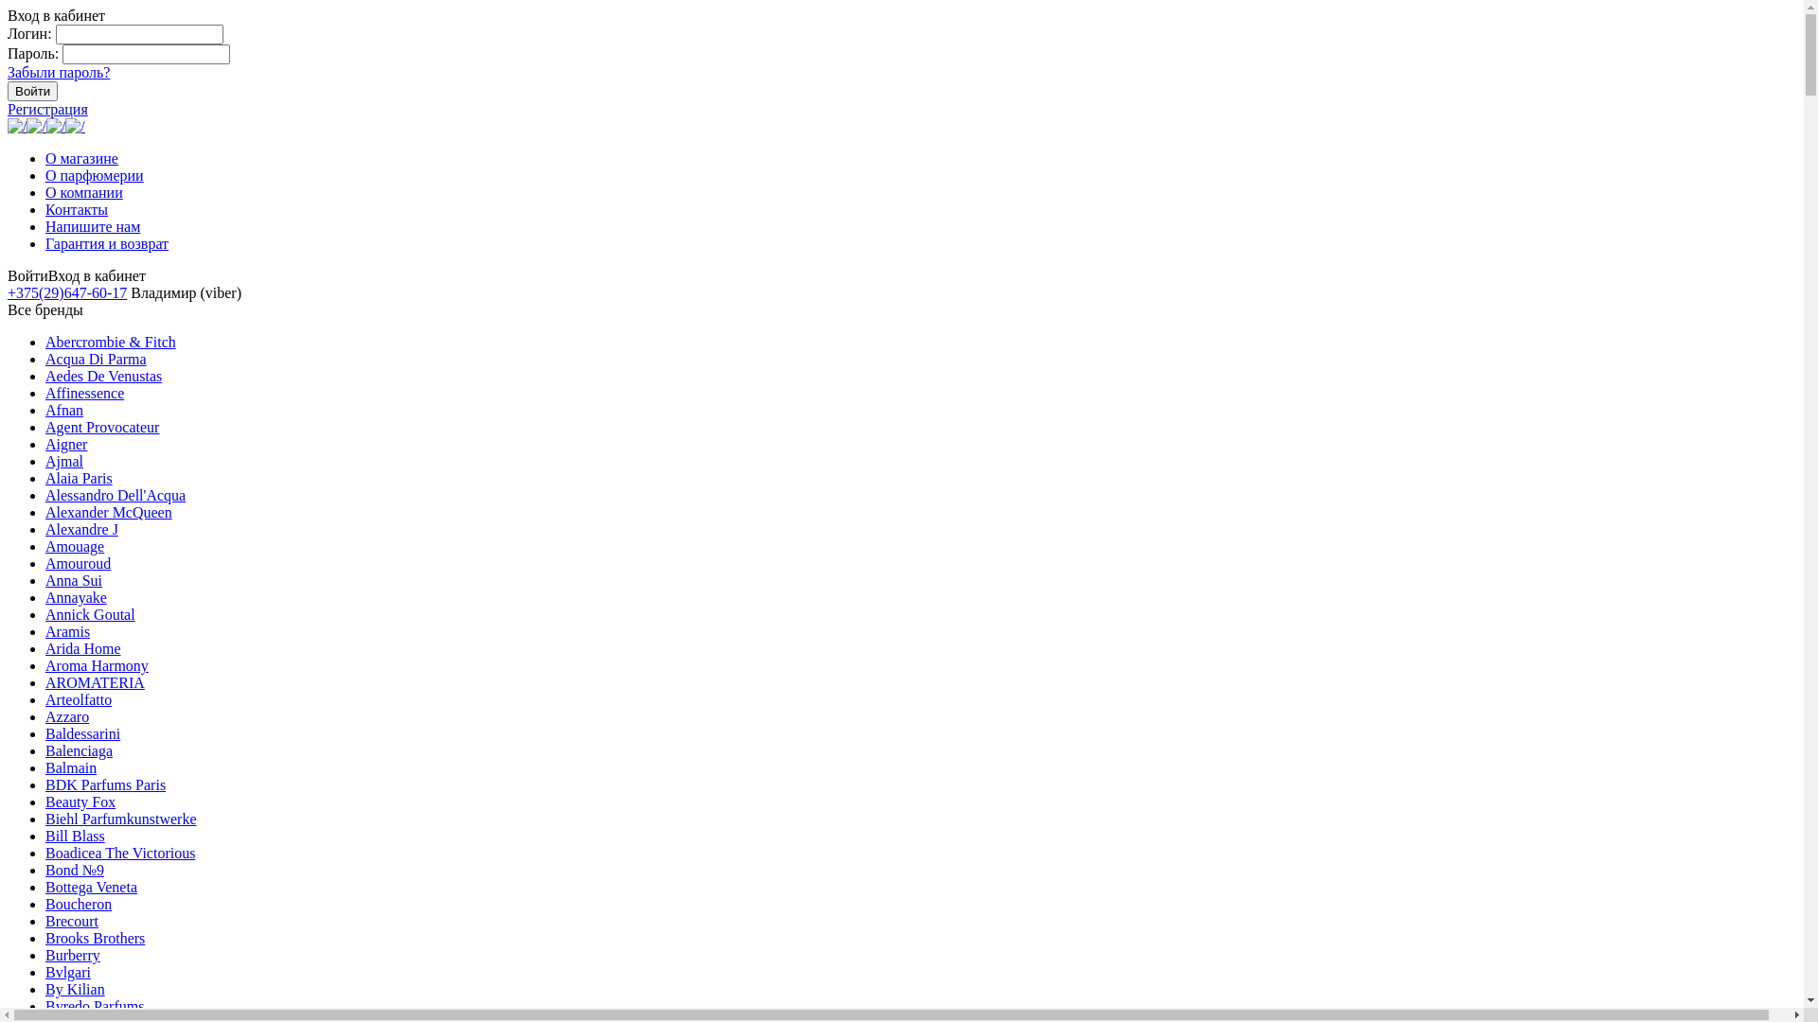 Image resolution: width=1818 pixels, height=1022 pixels. What do you see at coordinates (67, 631) in the screenshot?
I see `'Aramis'` at bounding box center [67, 631].